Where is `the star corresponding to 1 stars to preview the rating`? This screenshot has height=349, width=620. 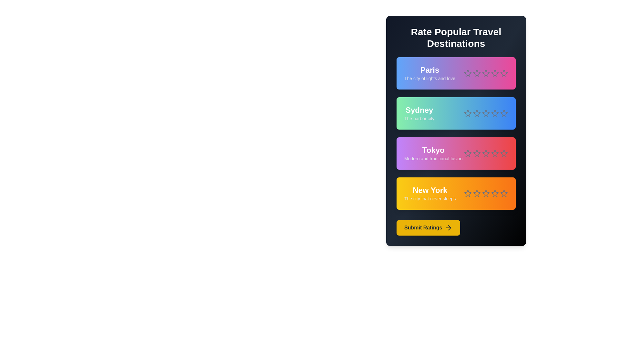 the star corresponding to 1 stars to preview the rating is located at coordinates (468, 73).